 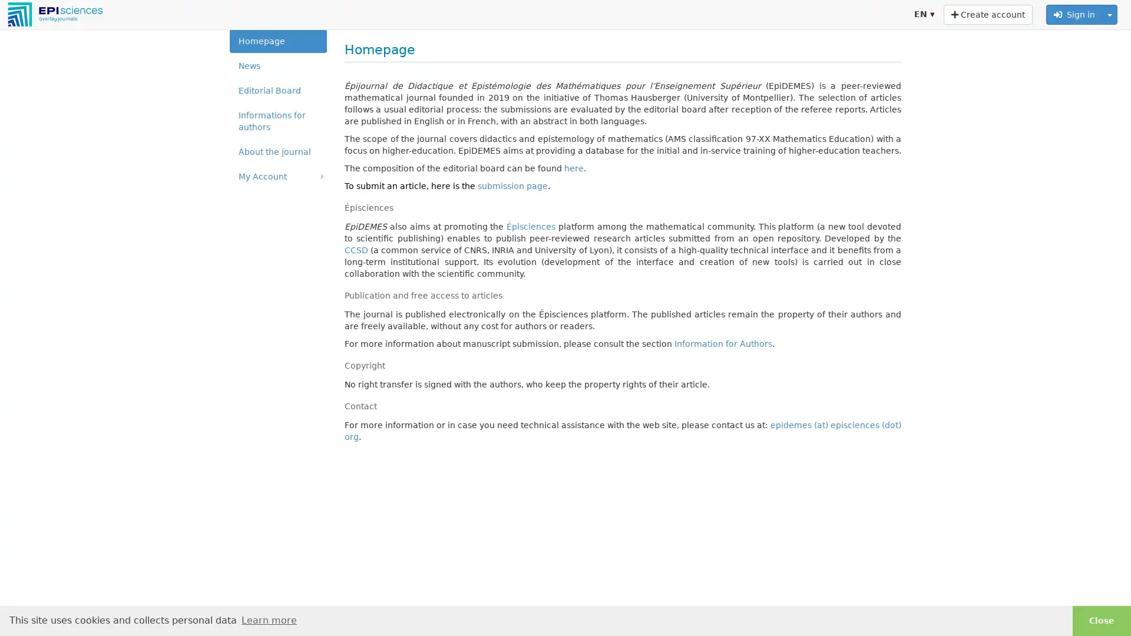 What do you see at coordinates (268, 620) in the screenshot?
I see `learn more about cookies` at bounding box center [268, 620].